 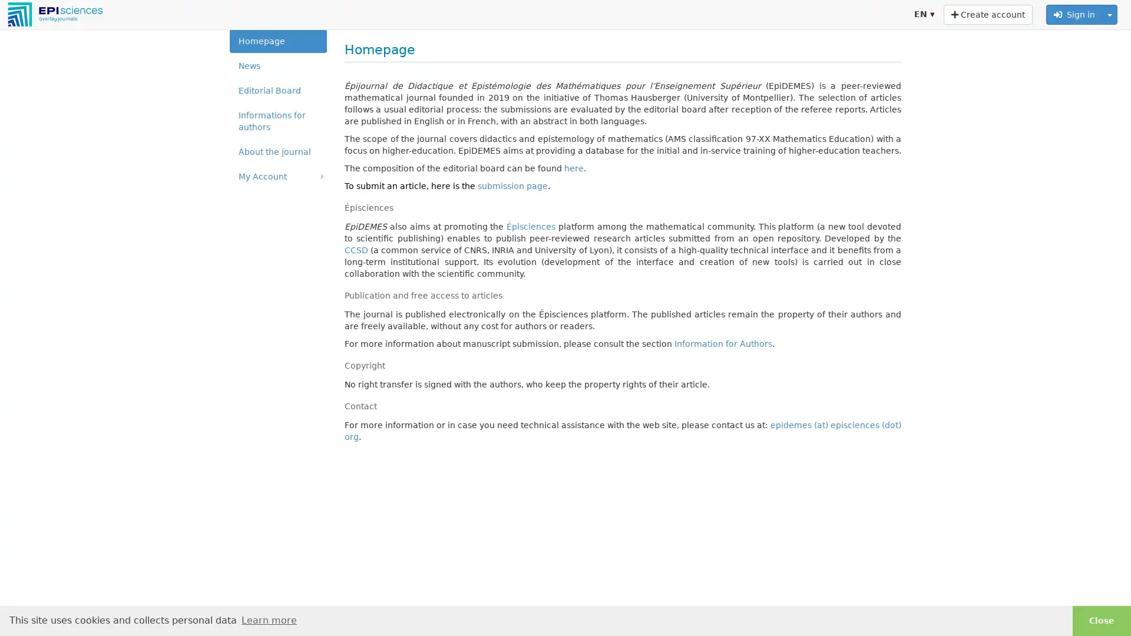 What do you see at coordinates (268, 620) in the screenshot?
I see `learn more about cookies` at bounding box center [268, 620].